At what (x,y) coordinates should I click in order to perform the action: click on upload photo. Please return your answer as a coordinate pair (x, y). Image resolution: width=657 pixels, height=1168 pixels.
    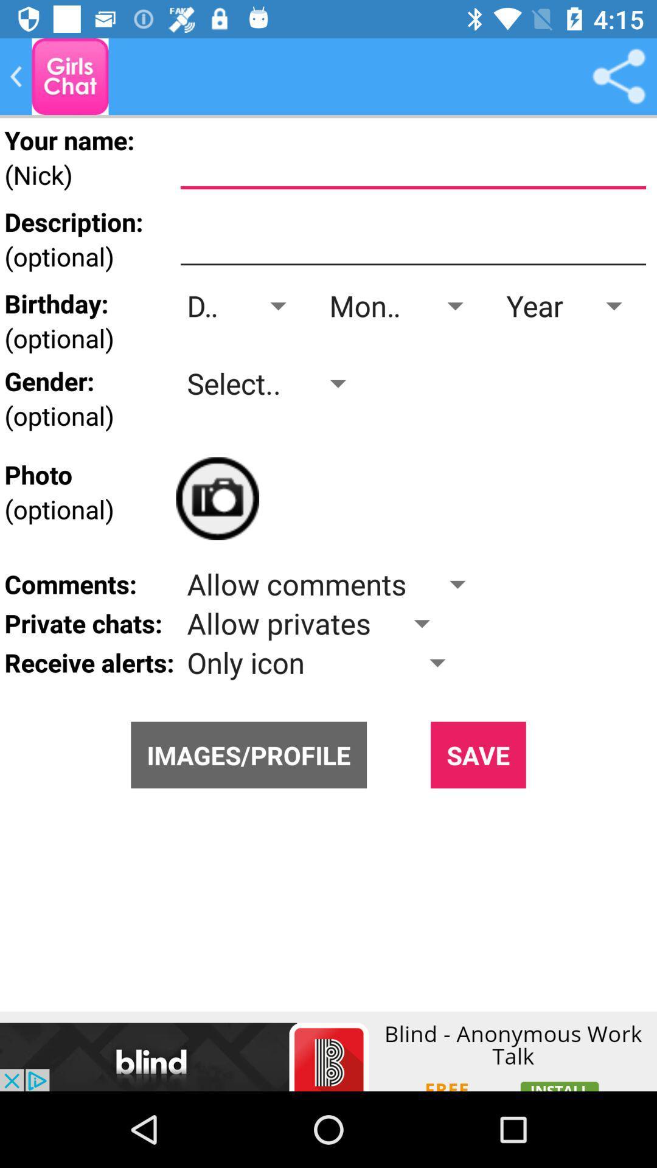
    Looking at the image, I should click on (217, 498).